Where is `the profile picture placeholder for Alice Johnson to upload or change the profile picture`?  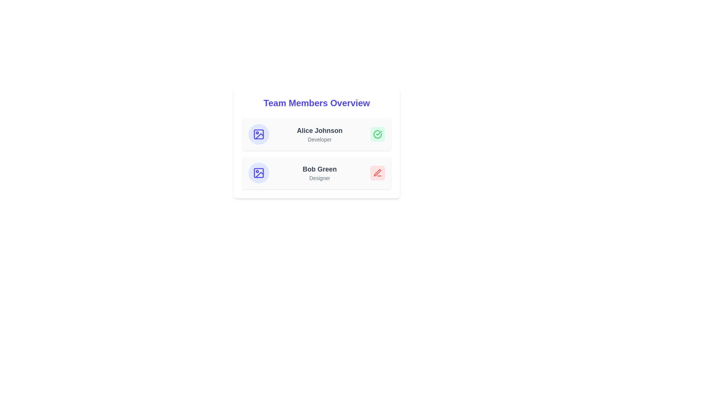 the profile picture placeholder for Alice Johnson to upload or change the profile picture is located at coordinates (258, 134).